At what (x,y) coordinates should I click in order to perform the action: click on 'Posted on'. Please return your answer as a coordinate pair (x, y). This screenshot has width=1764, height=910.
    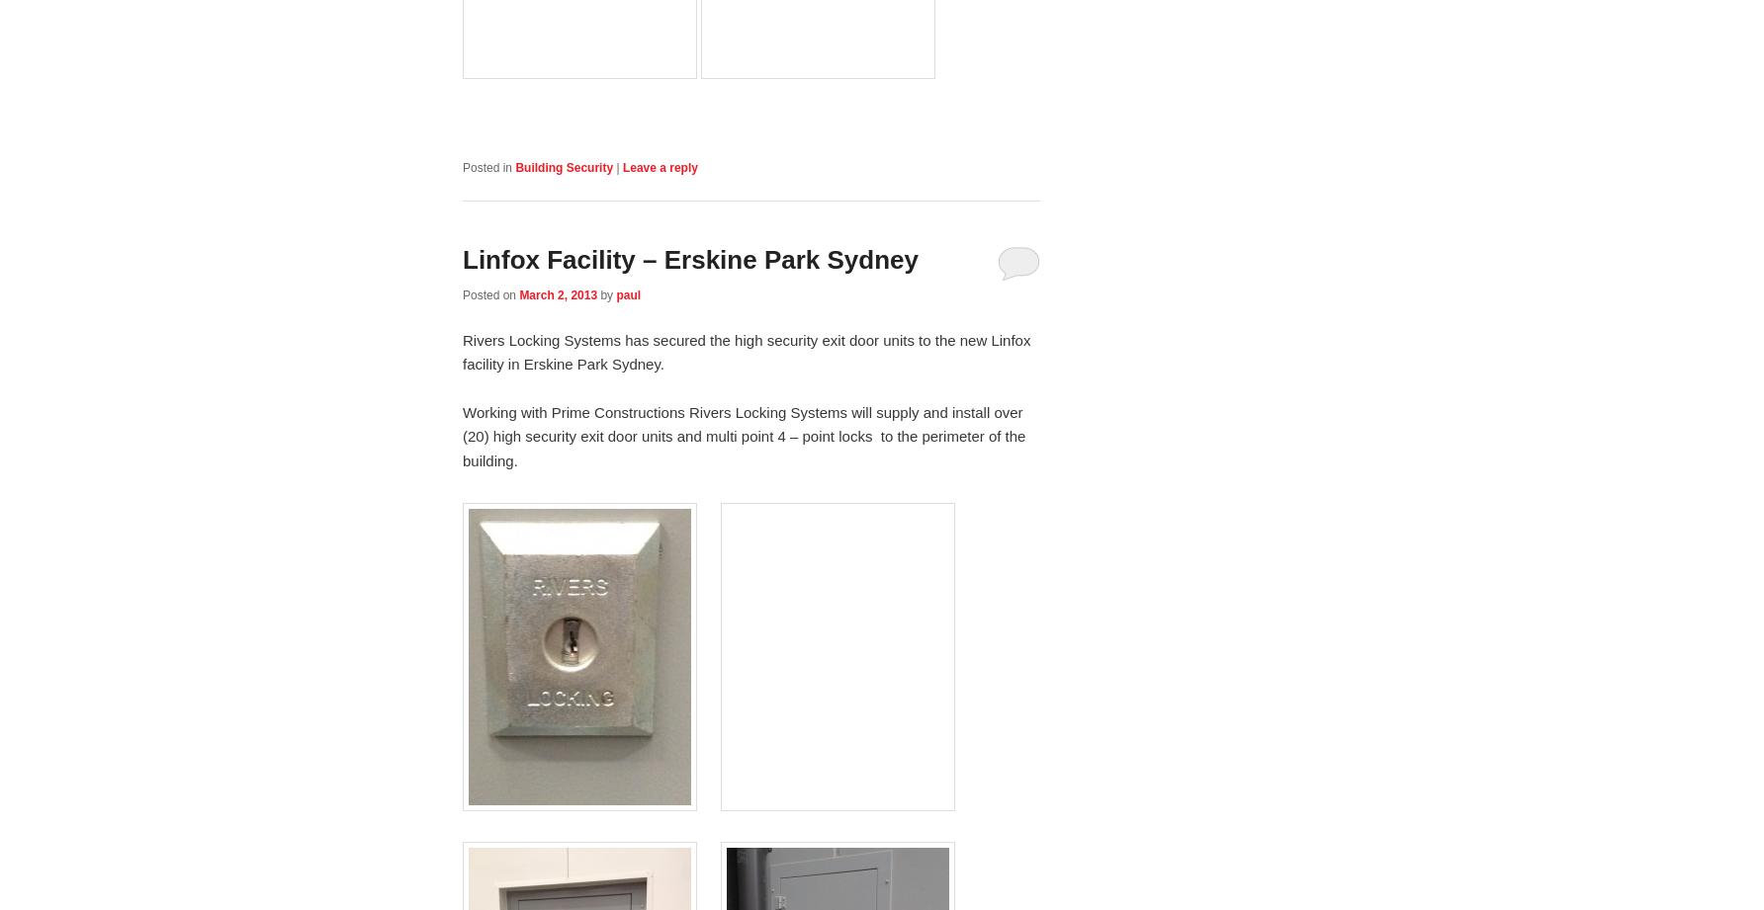
    Looking at the image, I should click on (490, 293).